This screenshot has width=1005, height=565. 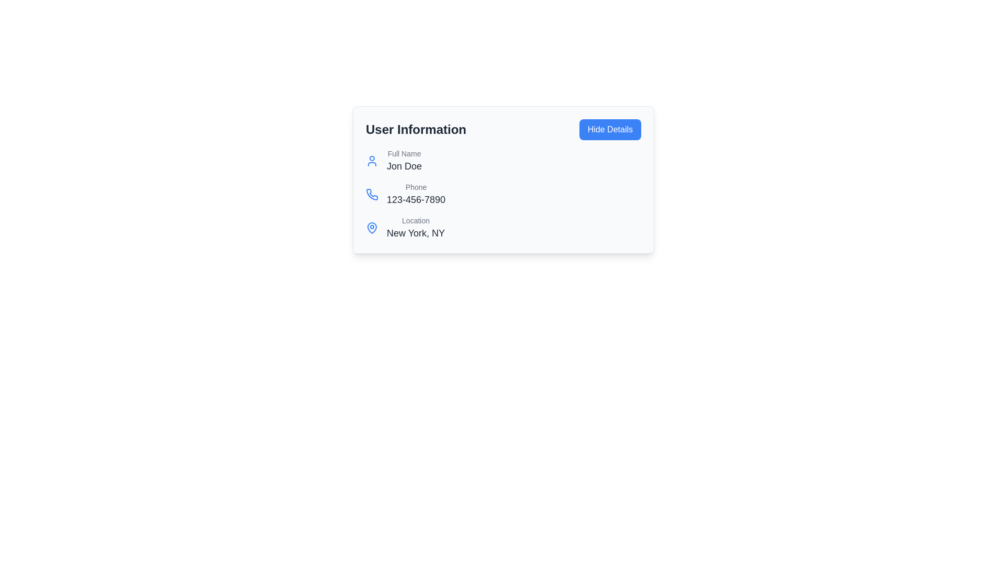 What do you see at coordinates (372, 194) in the screenshot?
I see `the phone icon located in the 'User Information' section, which is positioned to the left of the text '123-456-7890'` at bounding box center [372, 194].